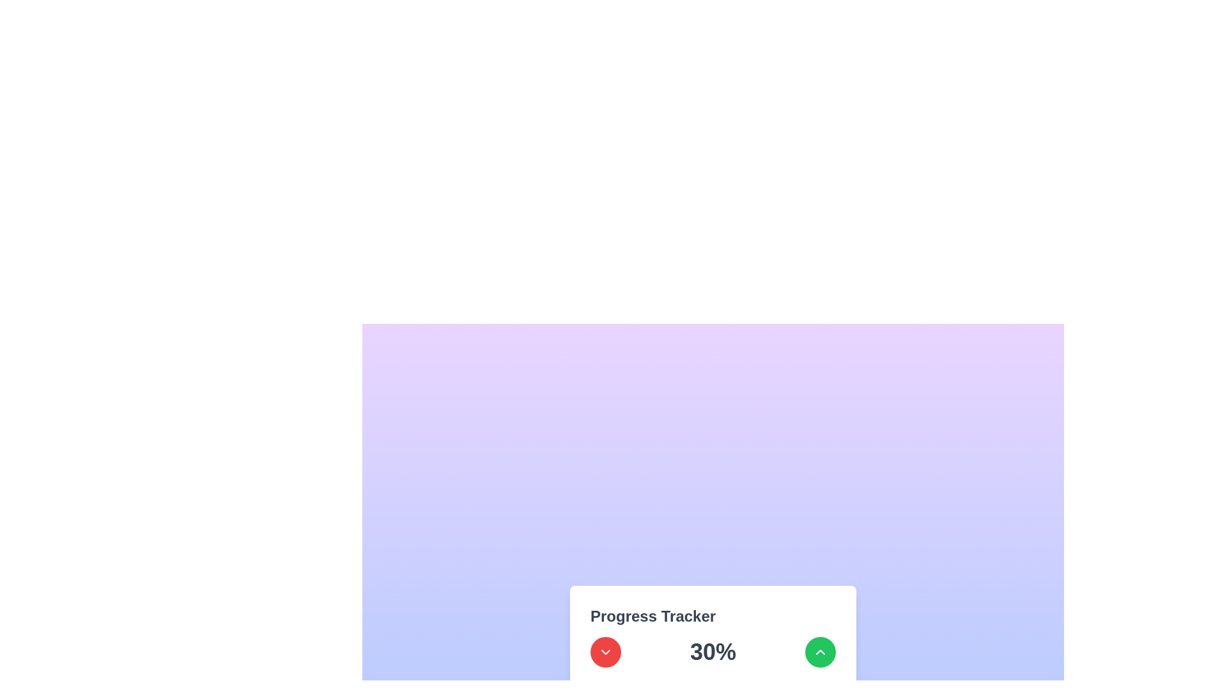 Image resolution: width=1227 pixels, height=690 pixels. Describe the element at coordinates (713, 652) in the screenshot. I see `the progress percentage text label located centrally below the 'Progress Tracker' header, flanked by red and green buttons` at that location.